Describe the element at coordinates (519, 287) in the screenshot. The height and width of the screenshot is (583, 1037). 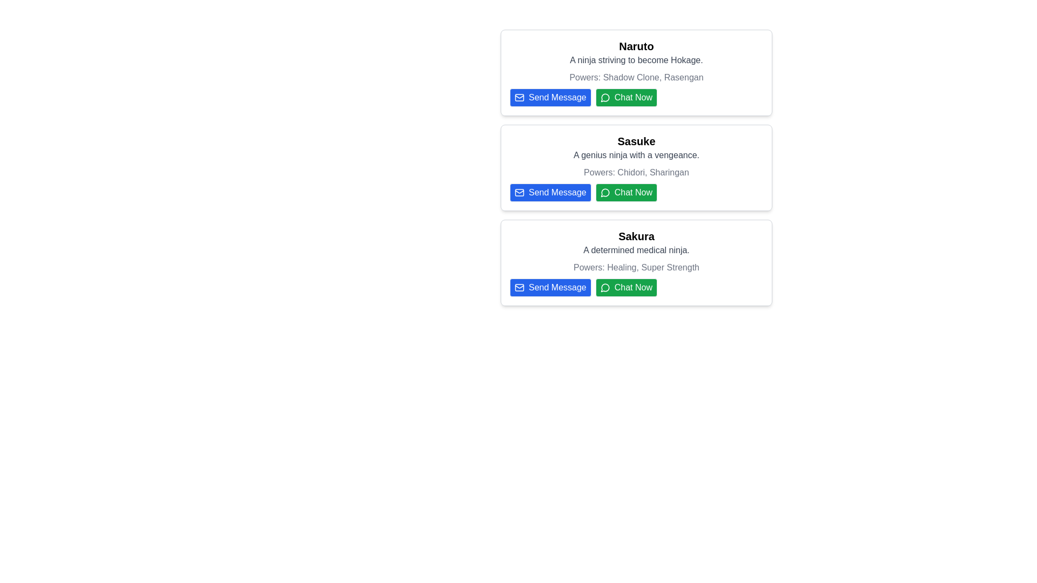
I see `the blue envelope icon representing email actions, located to the left of the 'Send Message' label in the third user card for 'Sakura'` at that location.